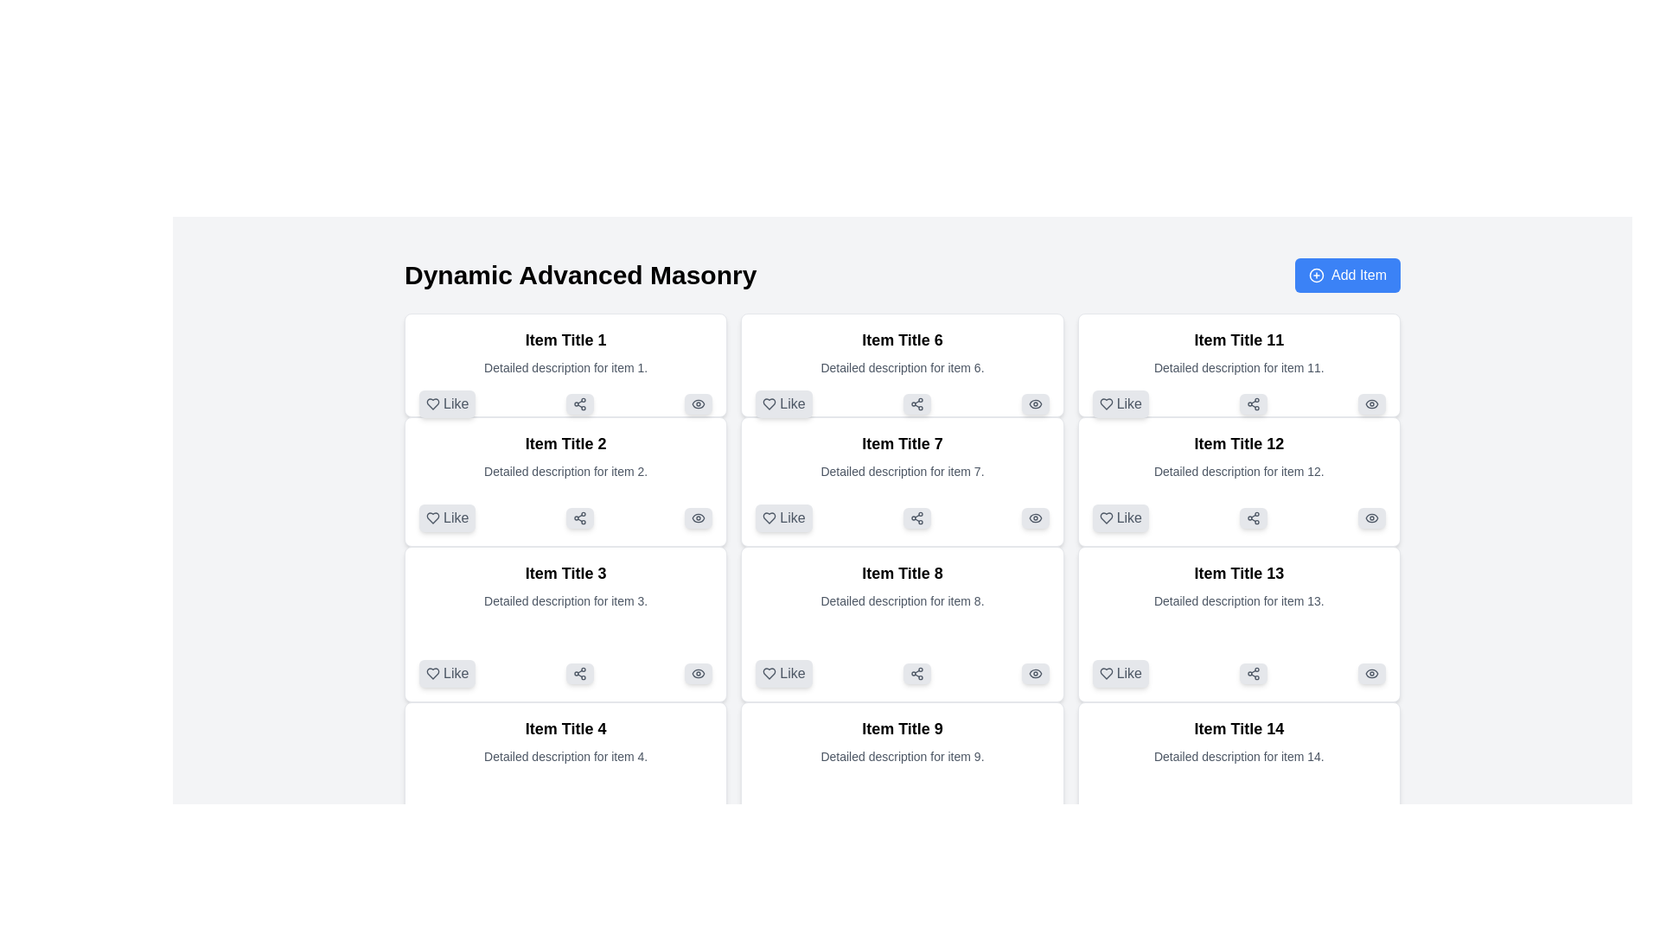 The image size is (1660, 933). I want to click on the heart-shaped 'like' icon with a hollow outline located, so click(769, 517).